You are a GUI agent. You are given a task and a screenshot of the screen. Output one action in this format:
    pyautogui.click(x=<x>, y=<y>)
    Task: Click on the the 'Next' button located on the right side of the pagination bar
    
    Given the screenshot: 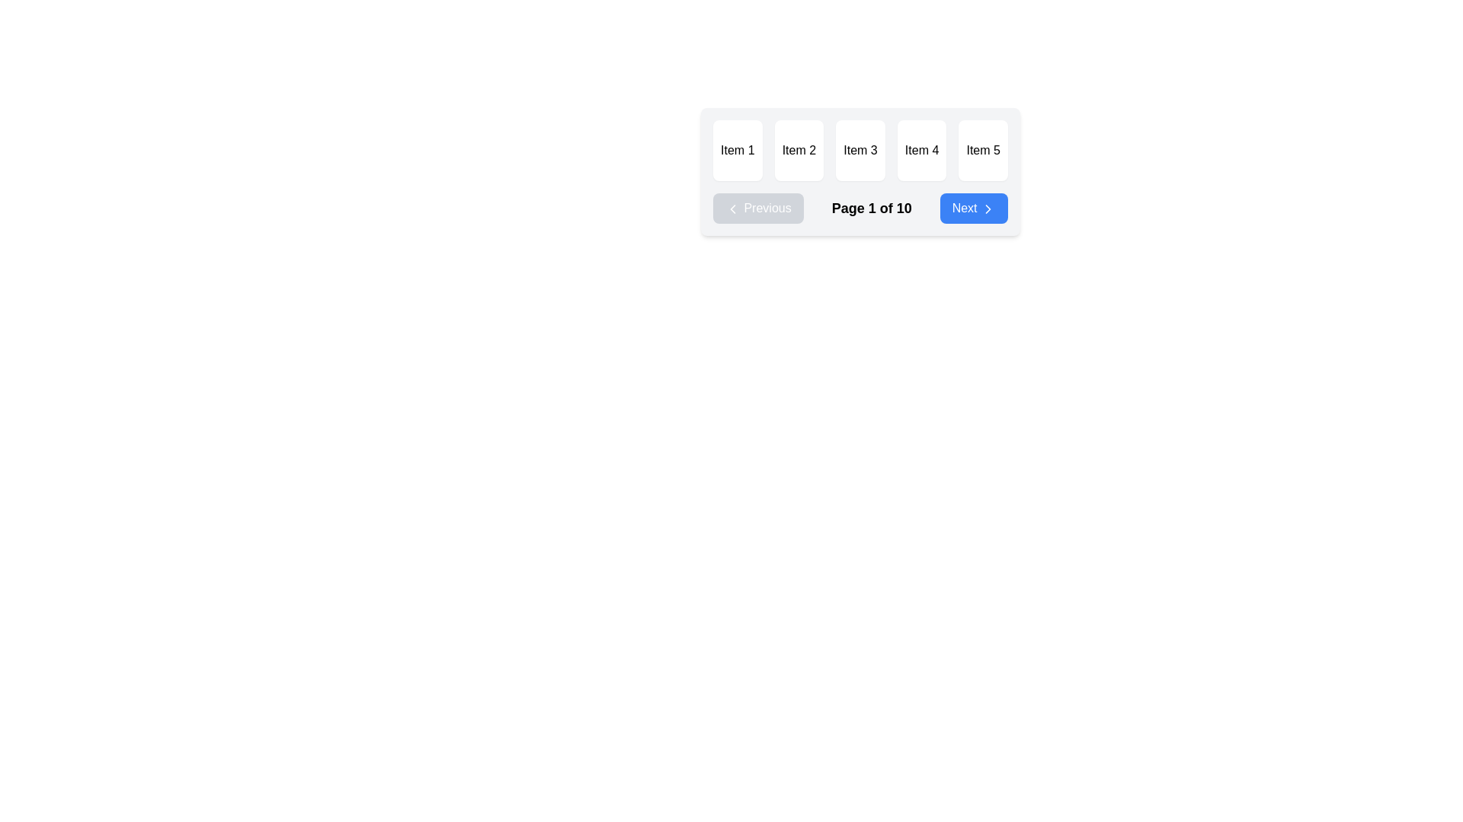 What is the action you would take?
    pyautogui.click(x=972, y=208)
    